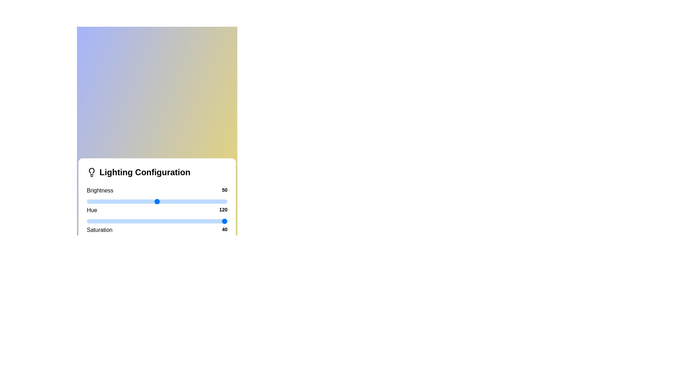 Image resolution: width=675 pixels, height=380 pixels. What do you see at coordinates (203, 221) in the screenshot?
I see `the hue slider to 83` at bounding box center [203, 221].